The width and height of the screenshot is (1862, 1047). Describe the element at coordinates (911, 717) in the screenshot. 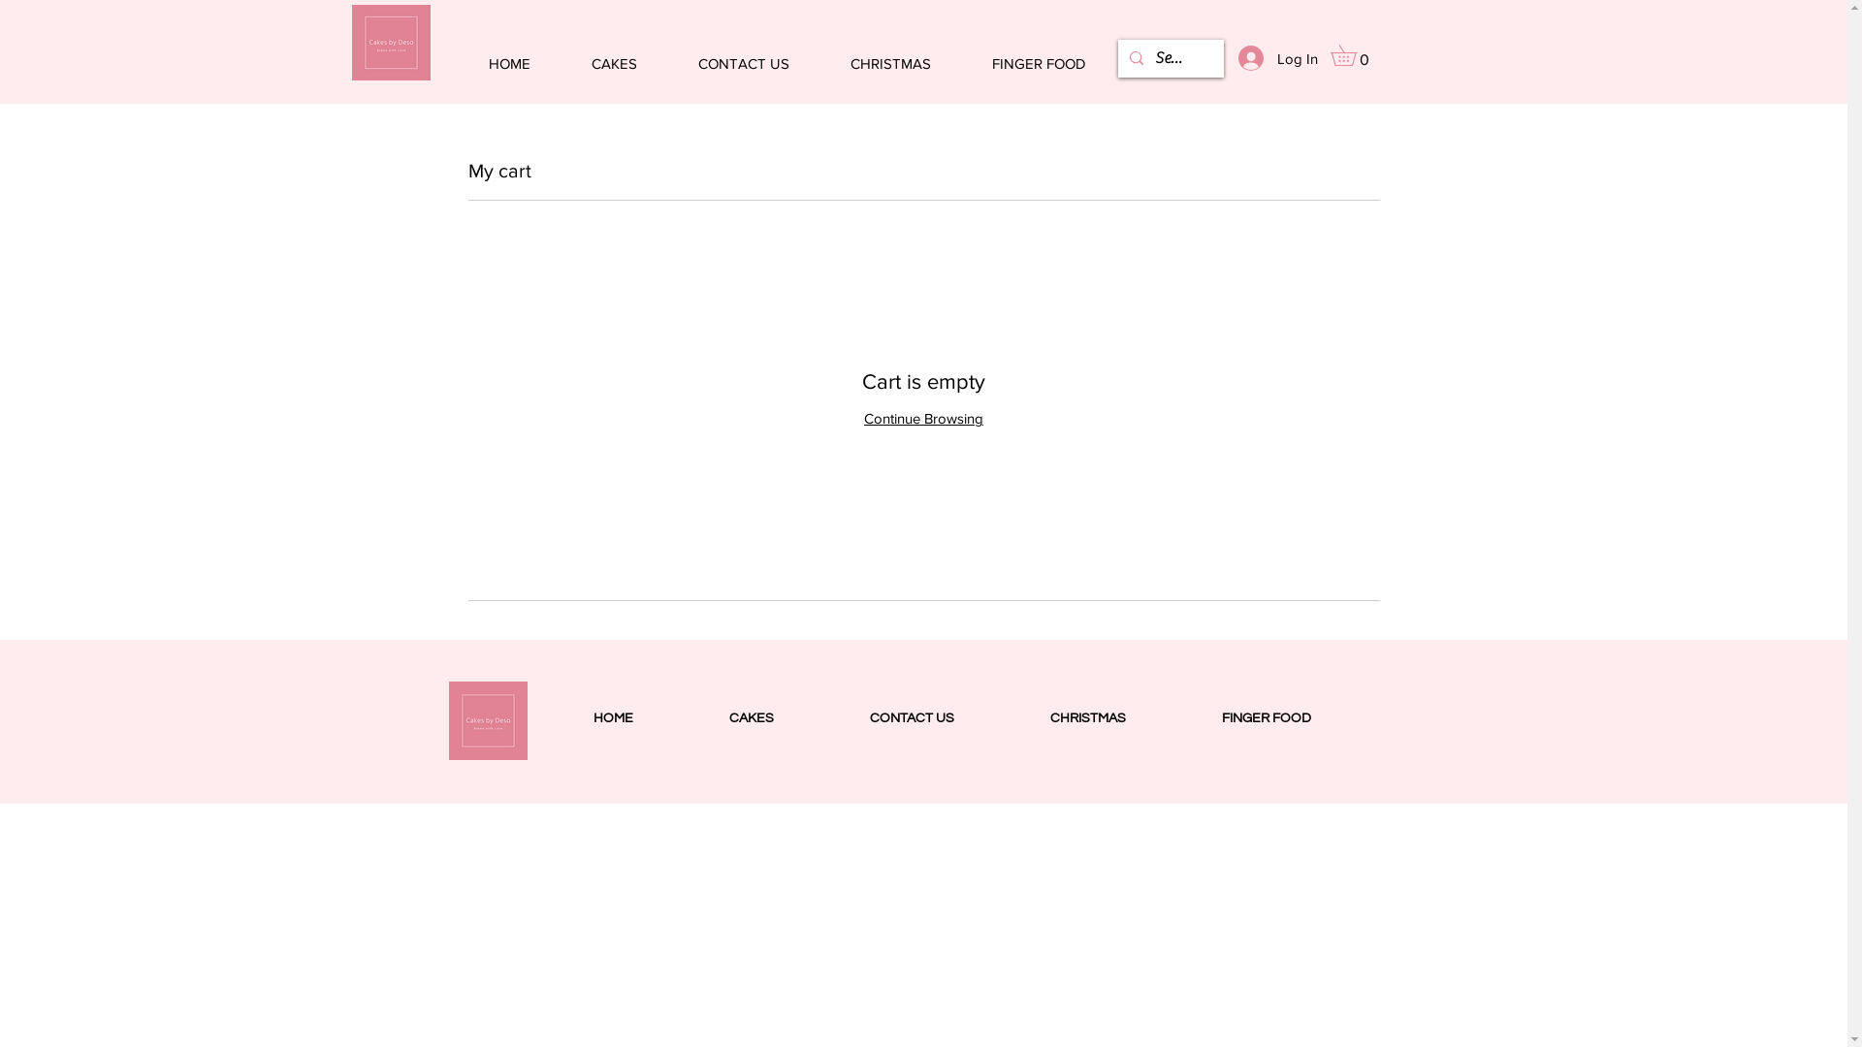

I see `'CONTACT US'` at that location.